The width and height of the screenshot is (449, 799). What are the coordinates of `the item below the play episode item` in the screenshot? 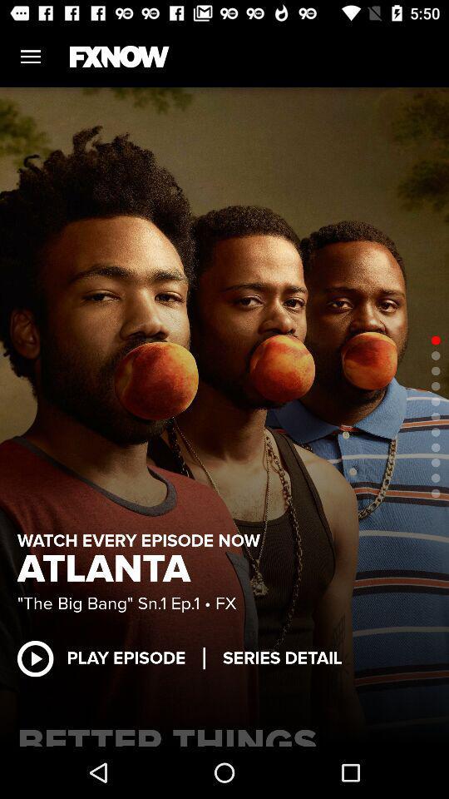 It's located at (224, 732).